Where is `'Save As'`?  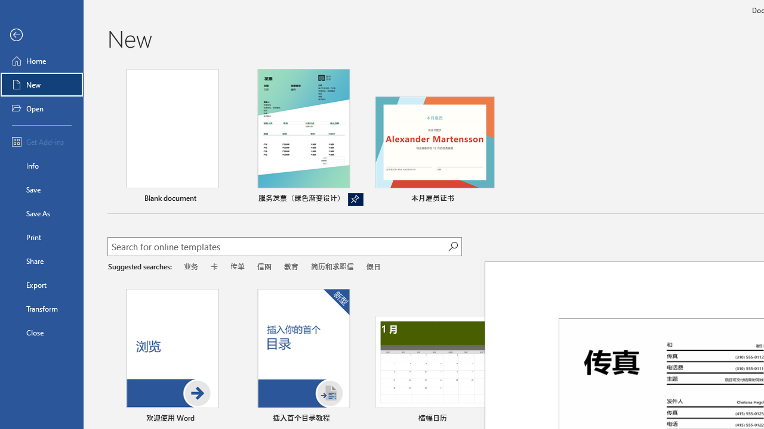
'Save As' is located at coordinates (41, 212).